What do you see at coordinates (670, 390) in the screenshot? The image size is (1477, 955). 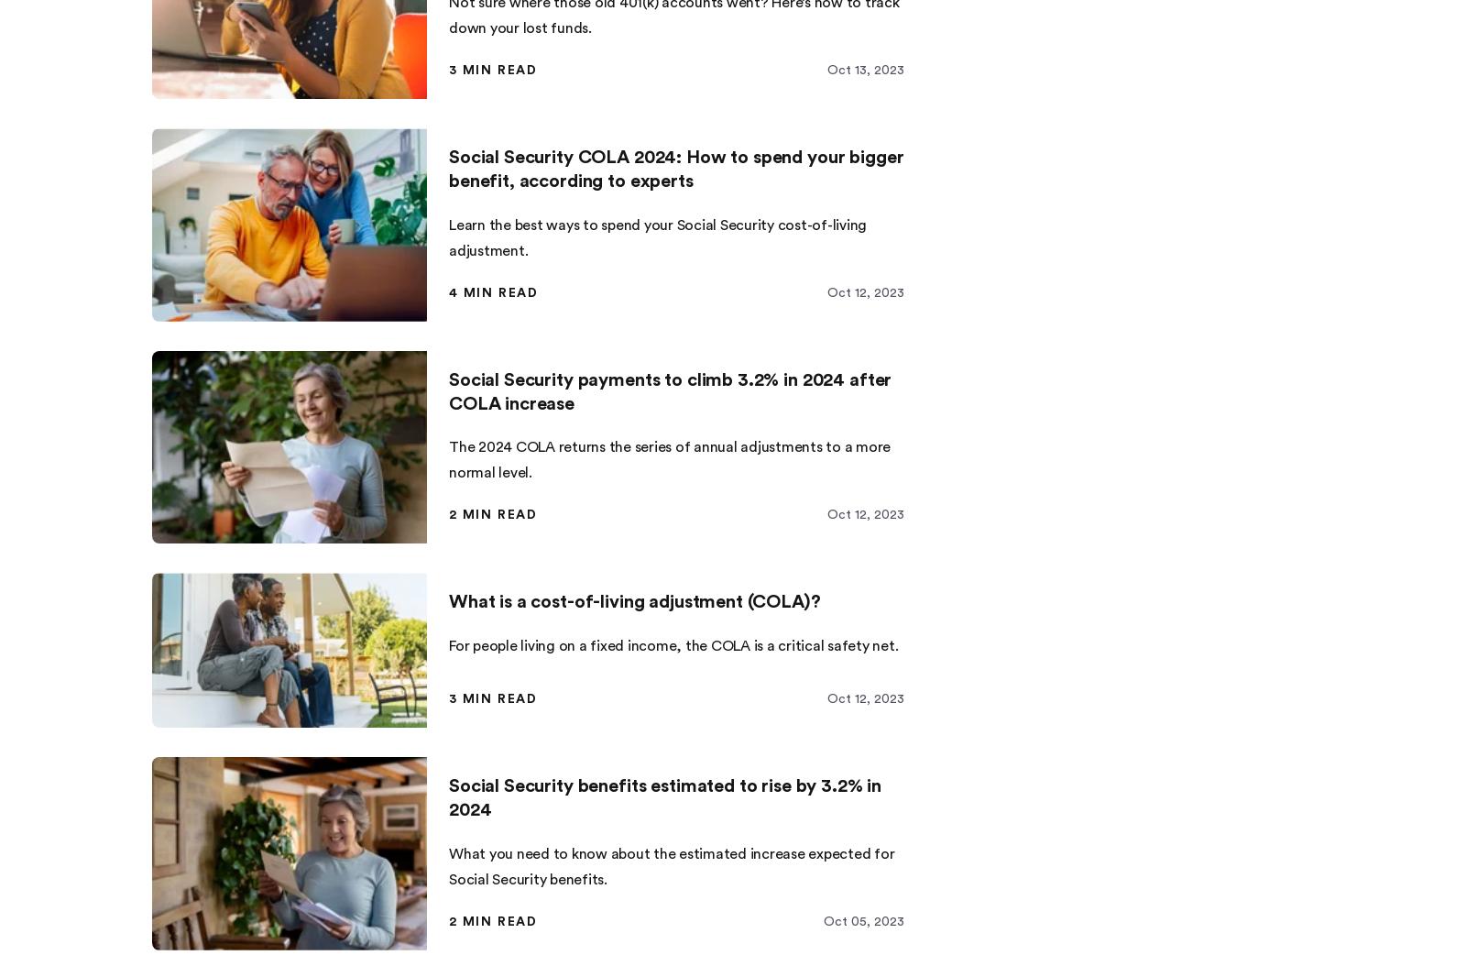 I see `'Social Security payments to climb 3.2% in 2024 after COLA increase'` at bounding box center [670, 390].